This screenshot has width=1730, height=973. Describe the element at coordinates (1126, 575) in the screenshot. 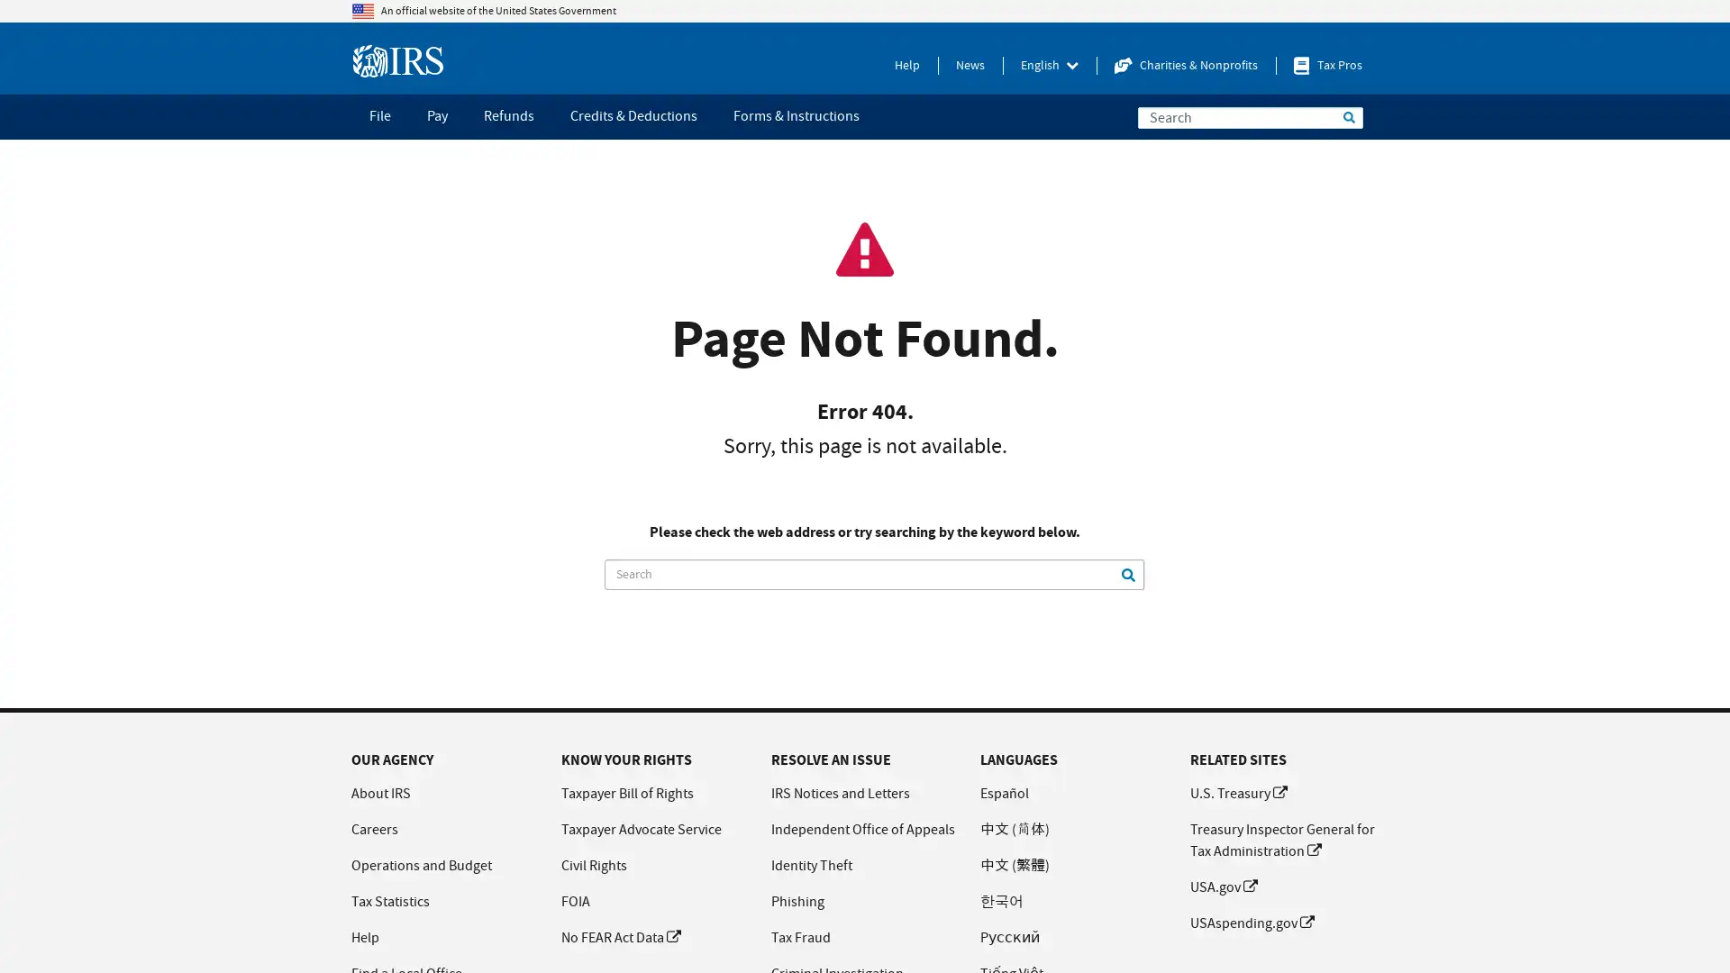

I see `Search` at that location.